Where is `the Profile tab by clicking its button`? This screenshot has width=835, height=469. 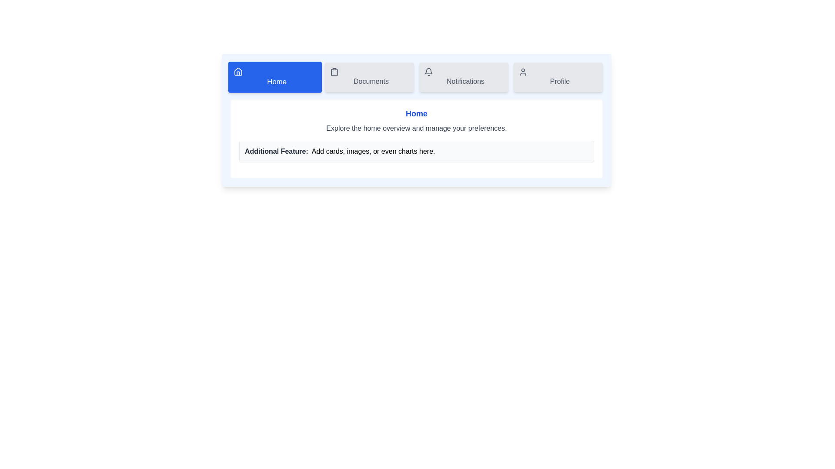 the Profile tab by clicking its button is located at coordinates (558, 76).